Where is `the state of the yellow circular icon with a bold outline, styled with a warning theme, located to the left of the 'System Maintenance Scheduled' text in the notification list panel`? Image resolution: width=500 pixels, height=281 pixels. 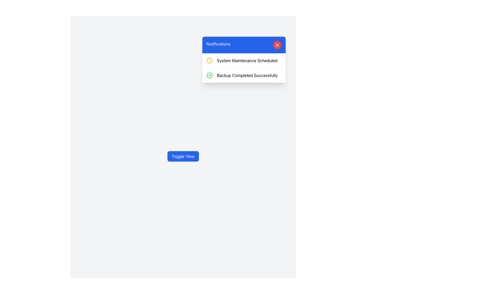 the state of the yellow circular icon with a bold outline, styled with a warning theme, located to the left of the 'System Maintenance Scheduled' text in the notification list panel is located at coordinates (210, 60).